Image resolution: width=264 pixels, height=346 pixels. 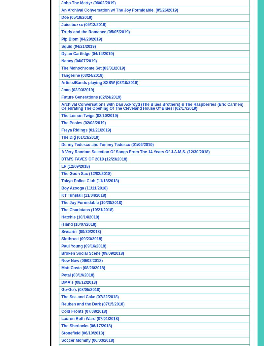 I want to click on 'The Sea and Cake (07/22/2018)', so click(x=90, y=297).